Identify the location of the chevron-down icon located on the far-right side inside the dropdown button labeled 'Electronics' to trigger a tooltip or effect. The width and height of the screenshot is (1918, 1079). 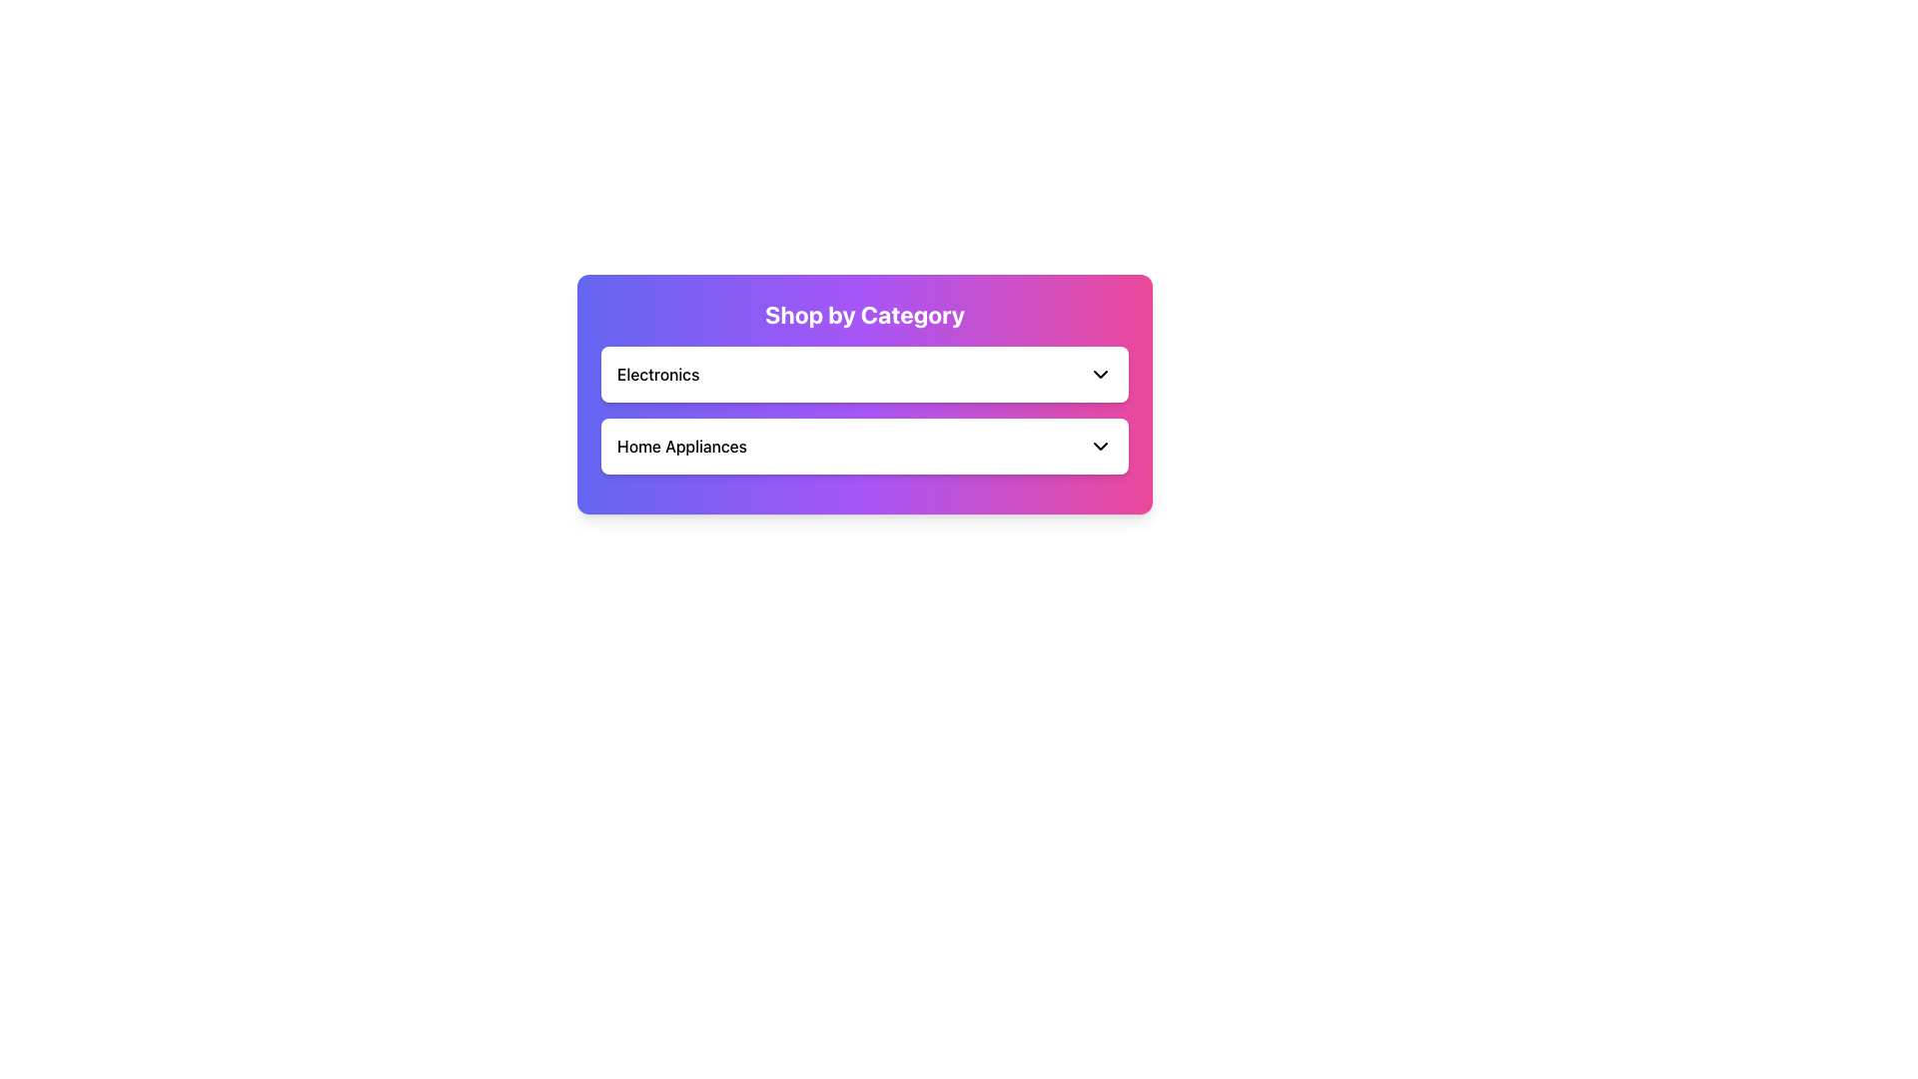
(1100, 374).